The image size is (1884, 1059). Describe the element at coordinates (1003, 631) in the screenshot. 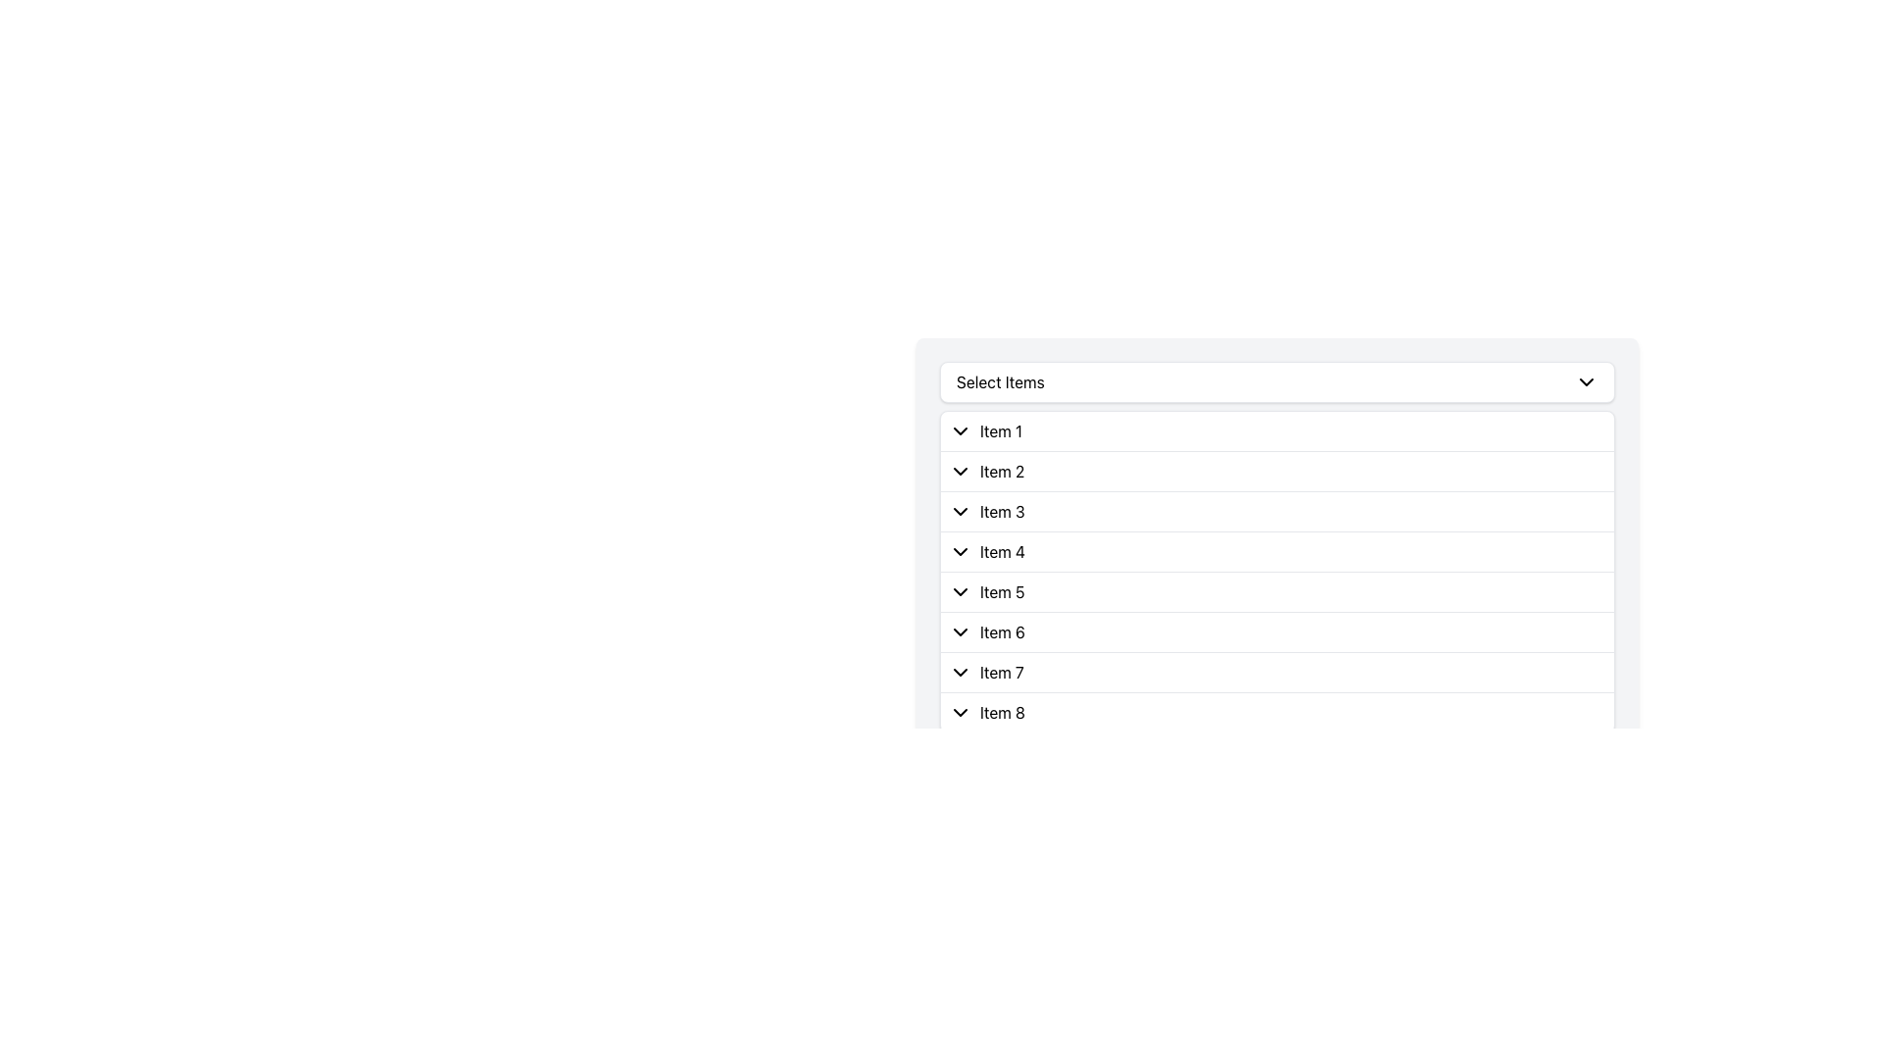

I see `the text label 'Item 6' in the dropdown menu` at that location.